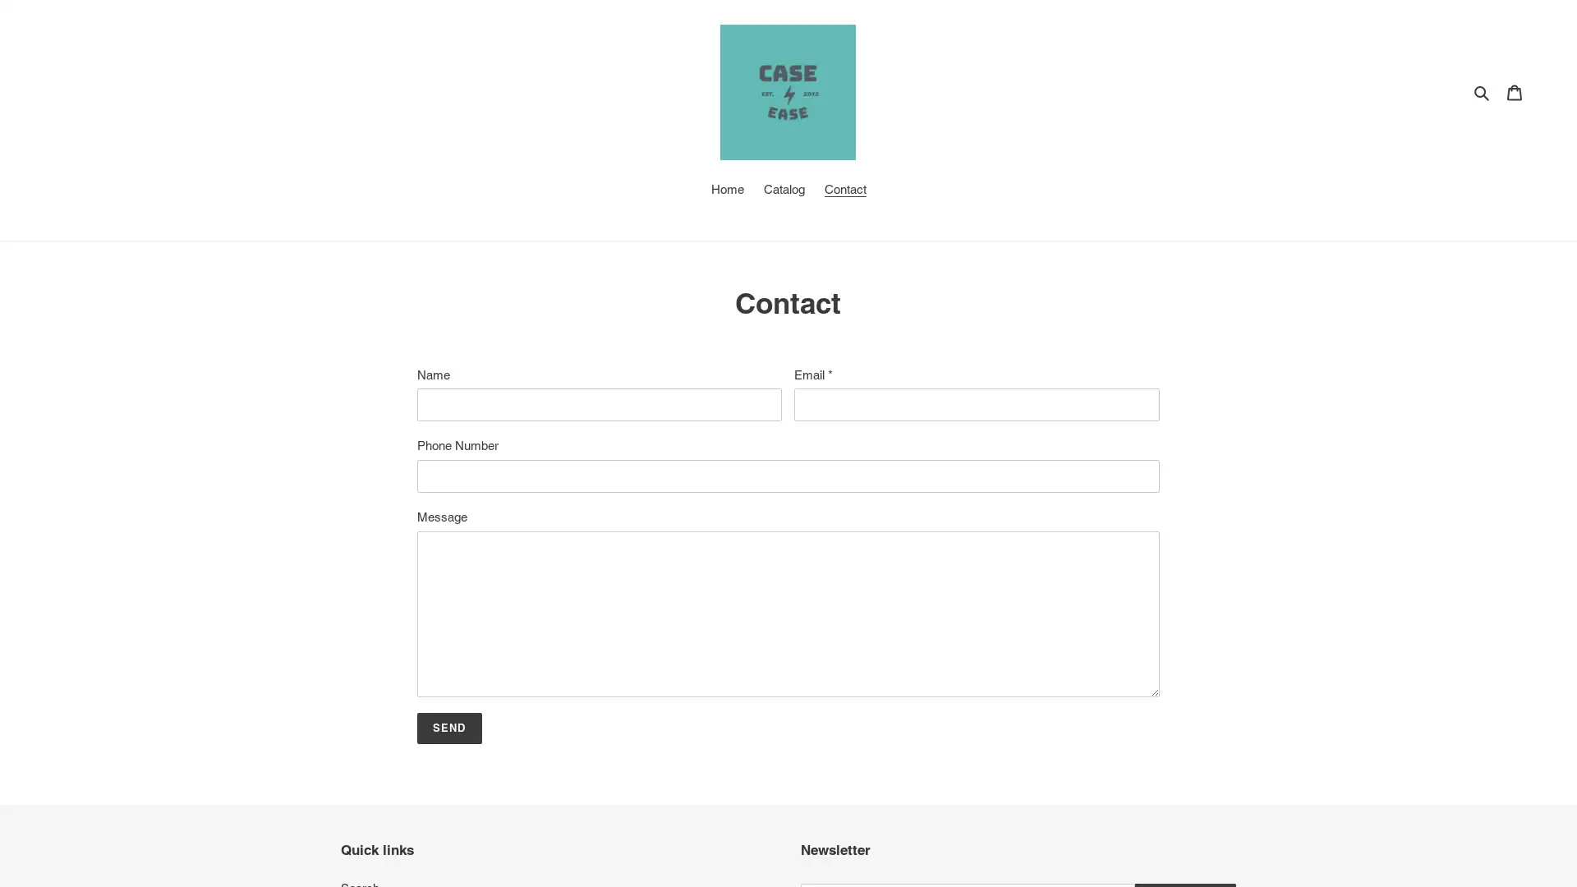 The width and height of the screenshot is (1577, 887). I want to click on Send, so click(449, 727).